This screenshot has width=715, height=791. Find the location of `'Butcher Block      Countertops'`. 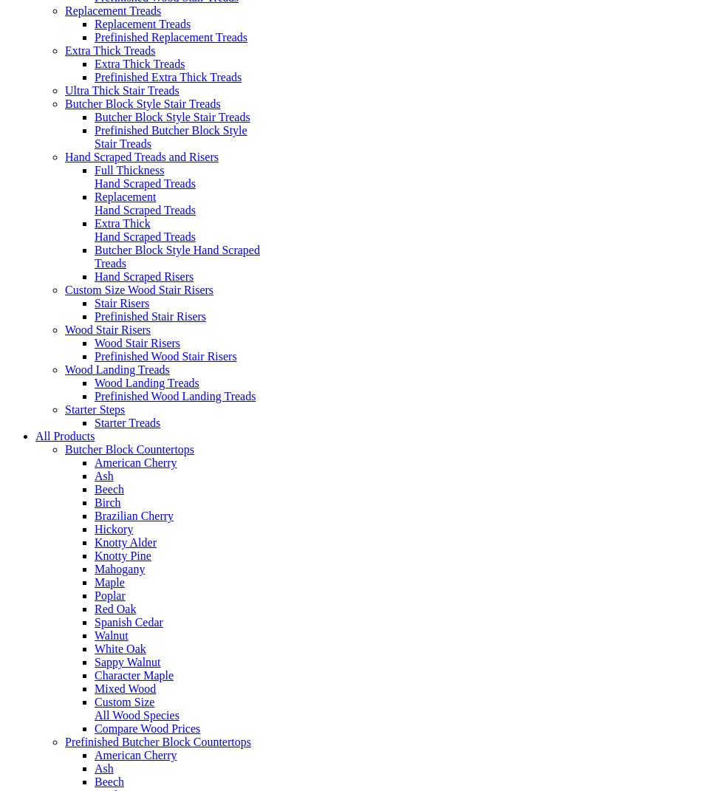

'Butcher Block      Countertops' is located at coordinates (129, 449).